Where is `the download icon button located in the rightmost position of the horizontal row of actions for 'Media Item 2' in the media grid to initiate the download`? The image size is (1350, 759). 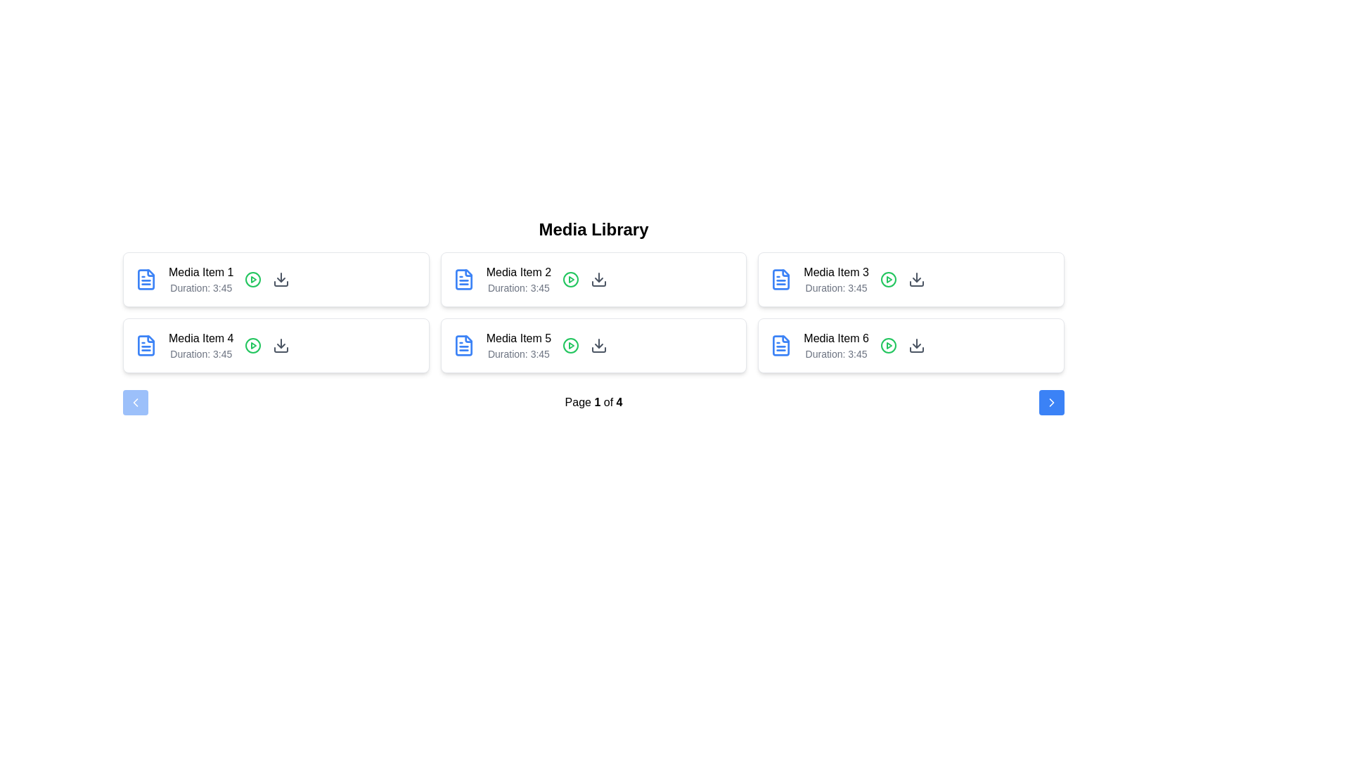
the download icon button located in the rightmost position of the horizontal row of actions for 'Media Item 2' in the media grid to initiate the download is located at coordinates (599, 279).